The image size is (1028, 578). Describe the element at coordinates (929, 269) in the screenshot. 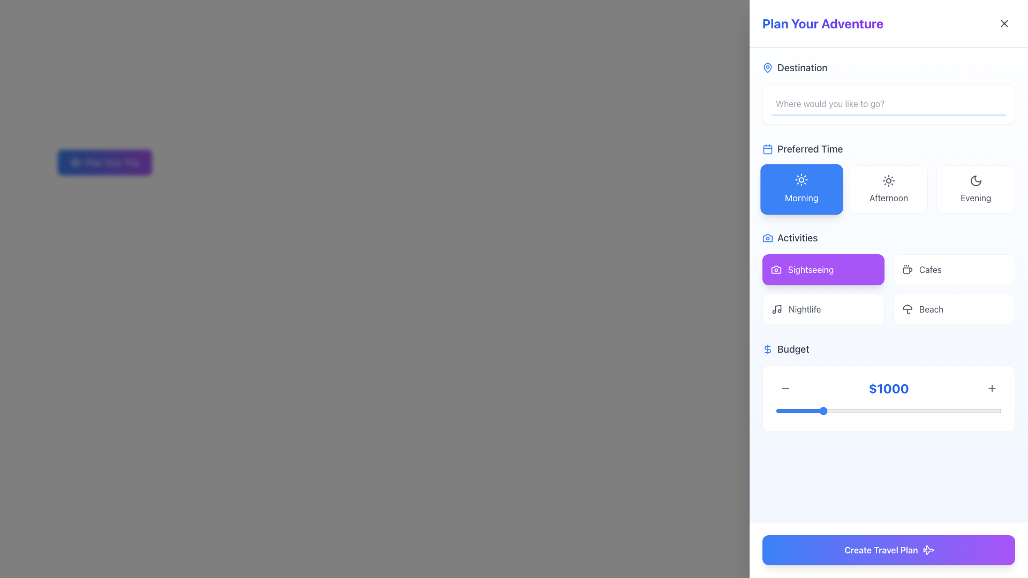

I see `the 'Cafes' text label, which is a small font label displaying 'Cafes' in the Activities section, rightmost among similar options like 'Sightseeing' and 'Nightlife.'` at that location.